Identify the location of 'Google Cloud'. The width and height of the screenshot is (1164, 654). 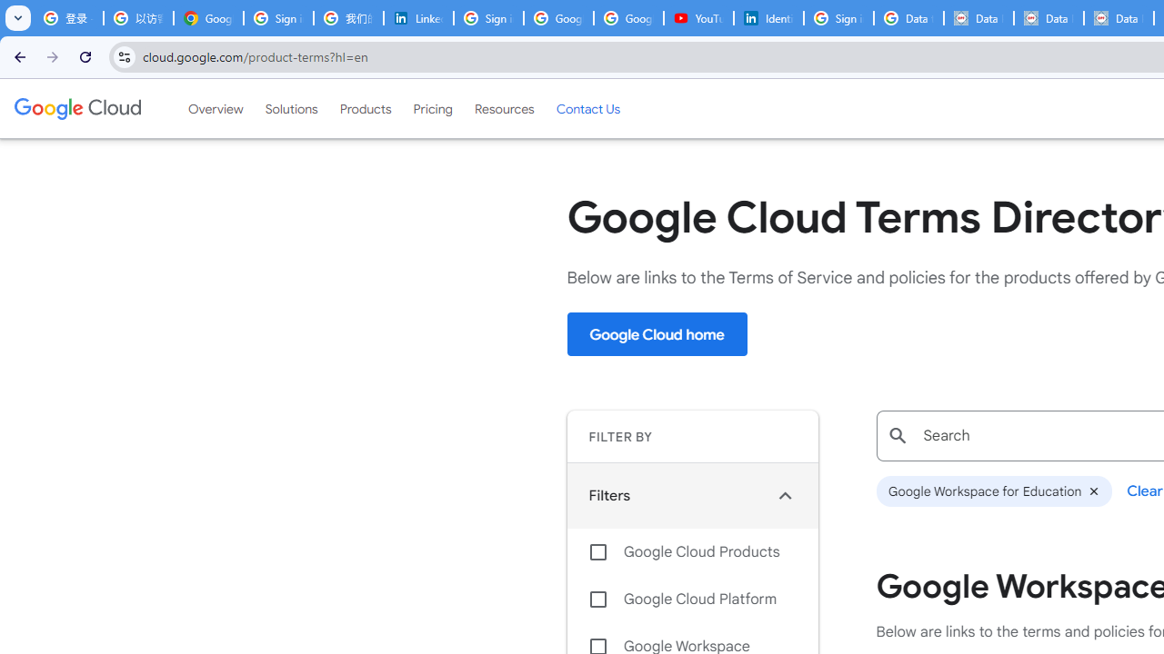
(76, 108).